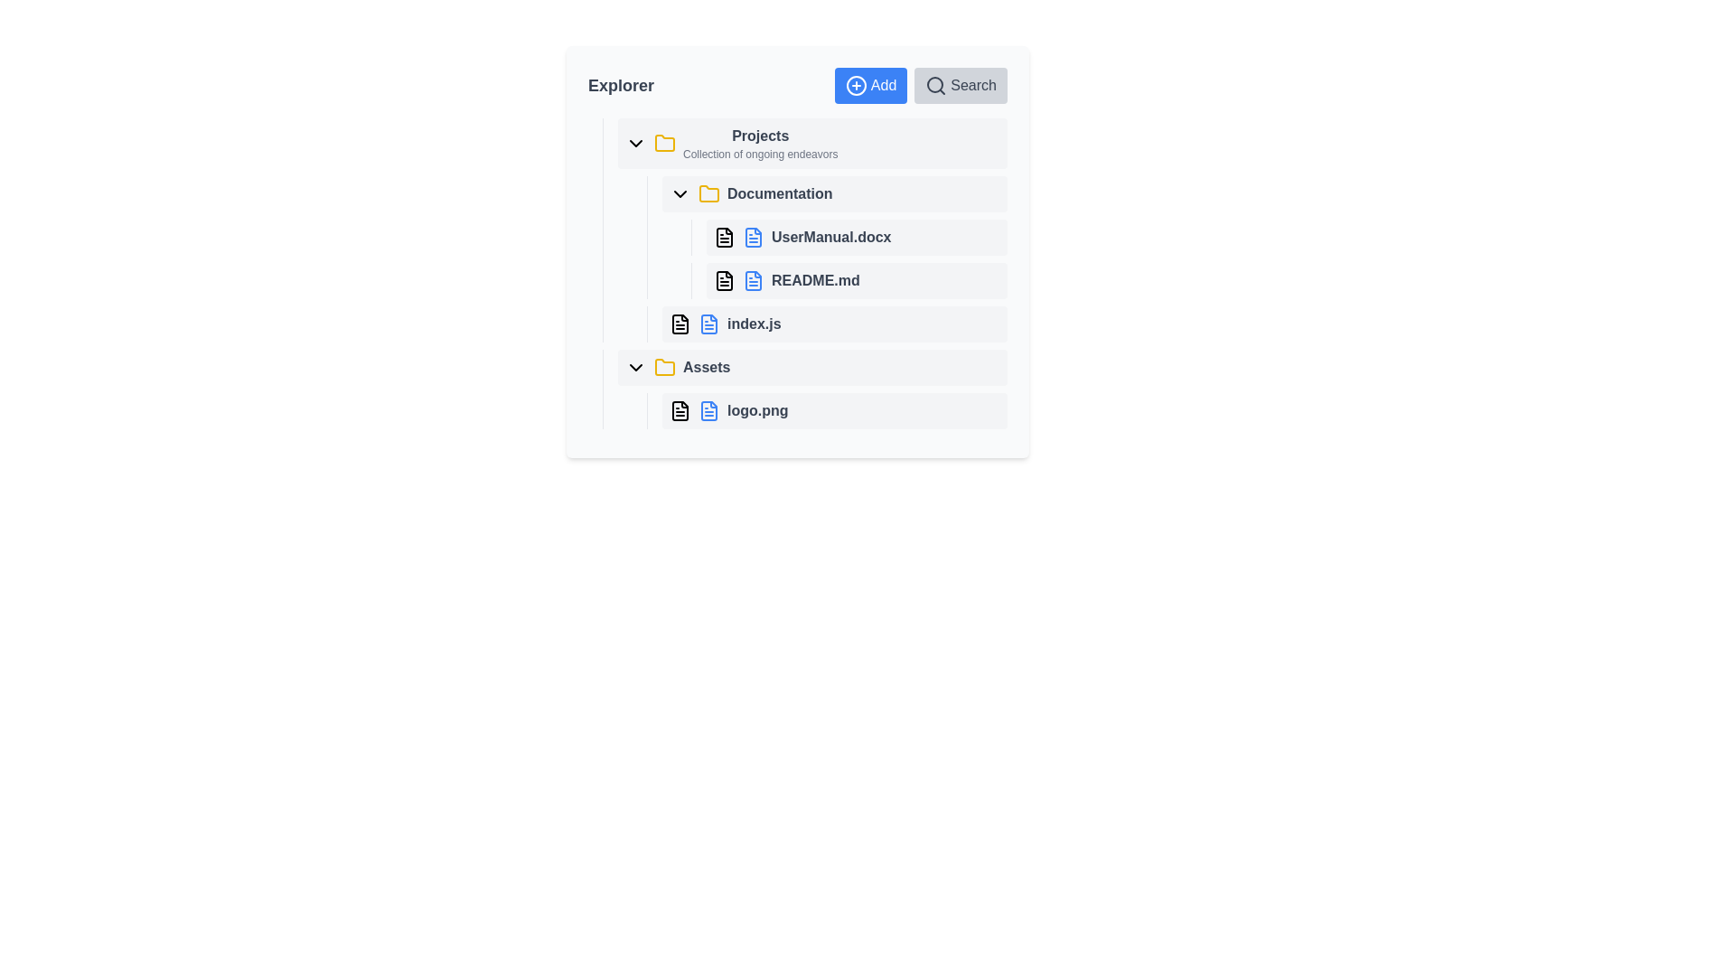 This screenshot has height=976, width=1735. I want to click on the file icon representing 'UserManual.docx' in the Documentation folder, so click(724, 236).